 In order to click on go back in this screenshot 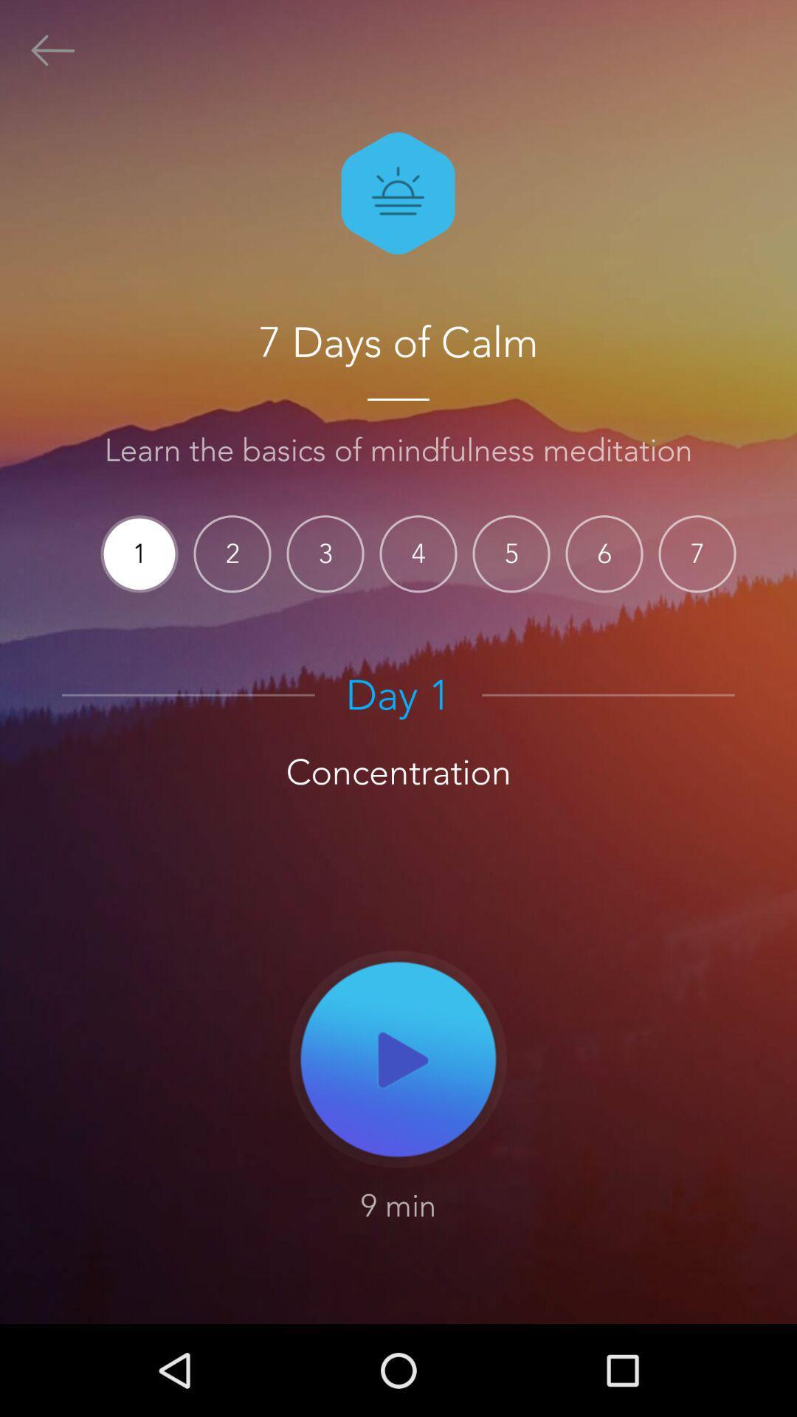, I will do `click(52, 50)`.